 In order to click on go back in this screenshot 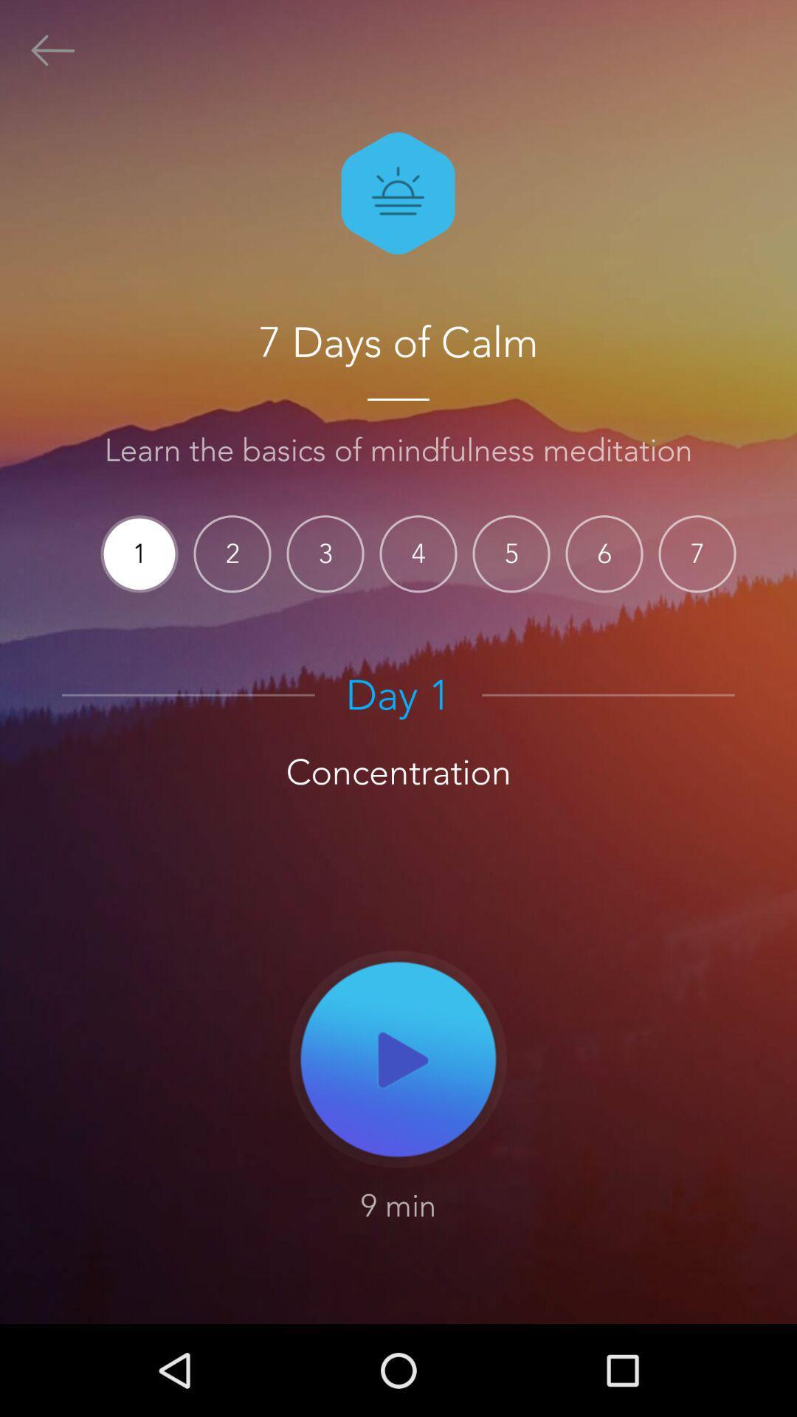, I will do `click(52, 50)`.